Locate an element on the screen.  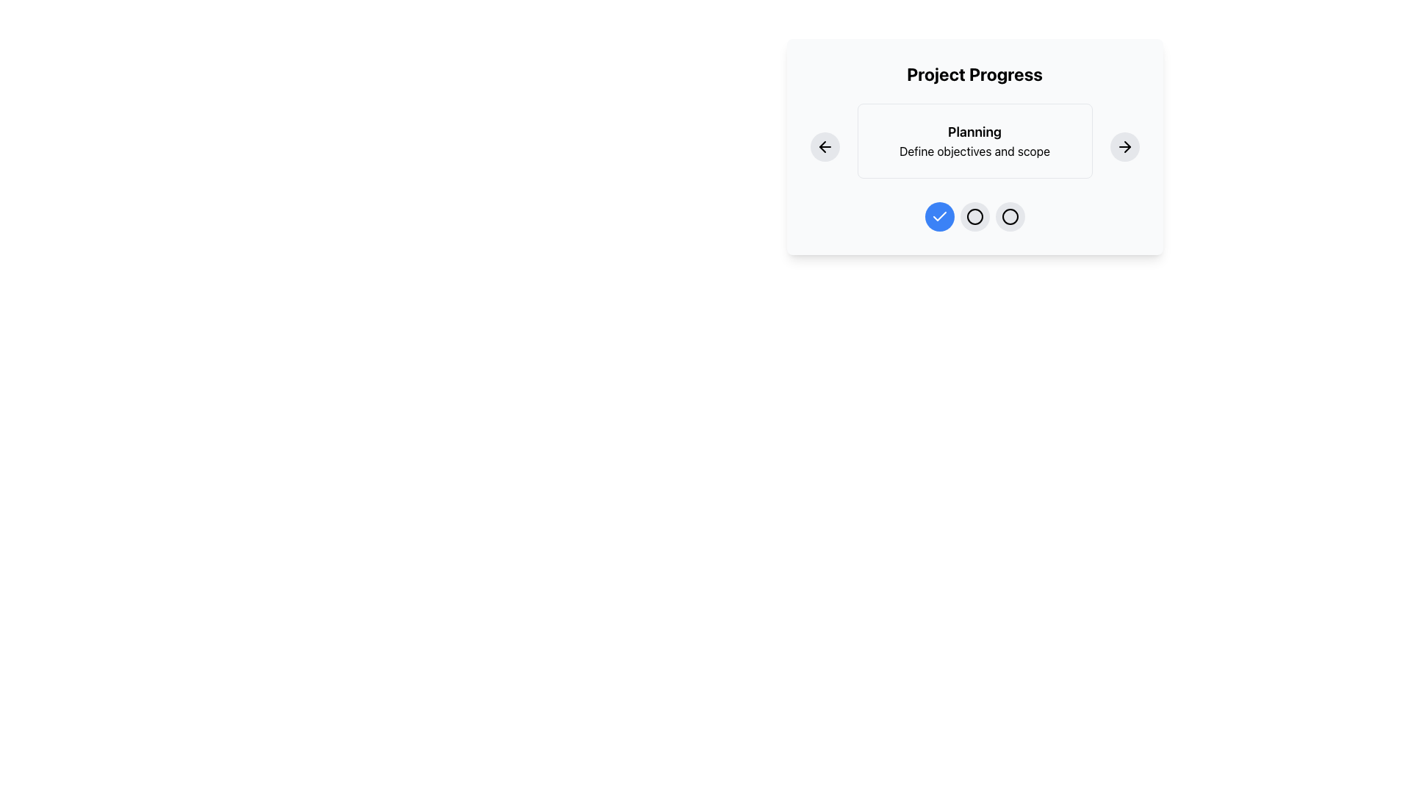
the checkmark icon button with a blue circular background, located below the 'Planning' section of the interface is located at coordinates (938, 216).